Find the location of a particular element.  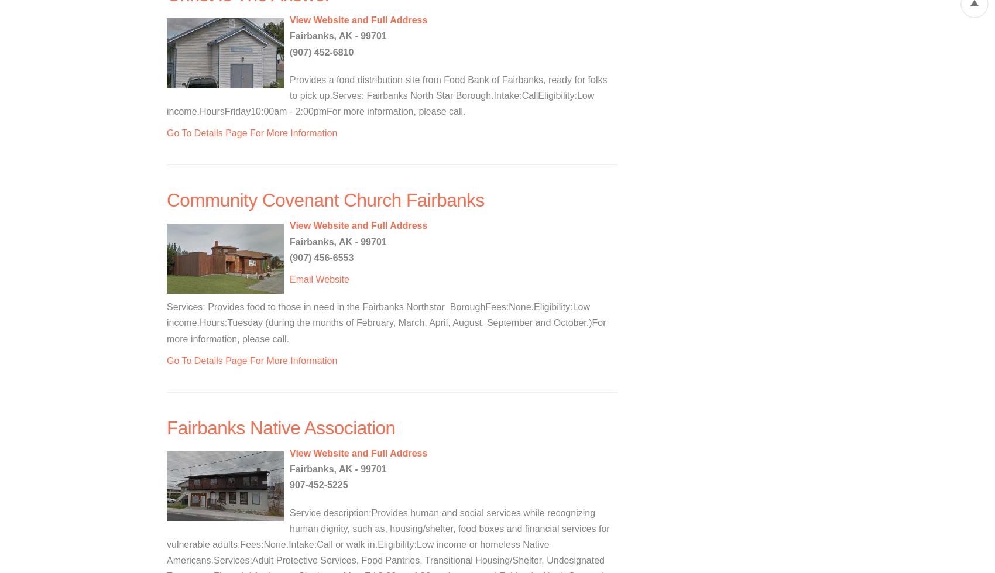

'Email' is located at coordinates (301, 279).